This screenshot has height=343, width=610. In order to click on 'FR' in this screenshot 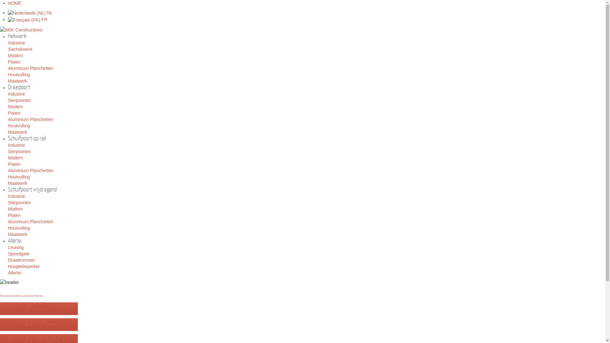, I will do `click(27, 19)`.